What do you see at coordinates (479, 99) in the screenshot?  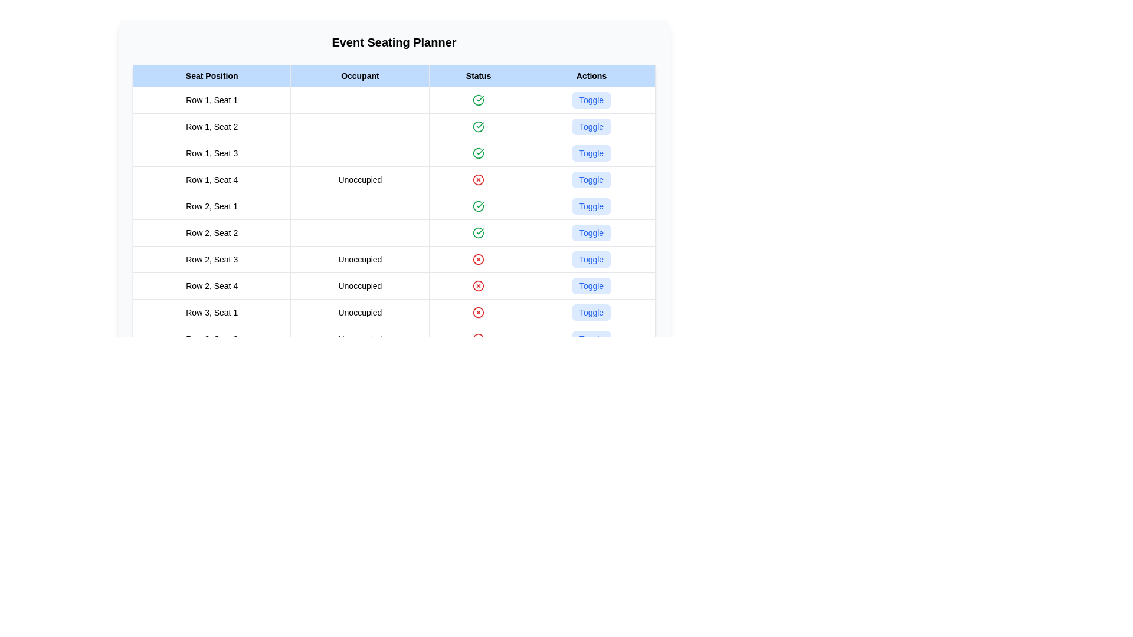 I see `the circular green icon with a white checkmark located in the 'Status' column of the first row of the table` at bounding box center [479, 99].